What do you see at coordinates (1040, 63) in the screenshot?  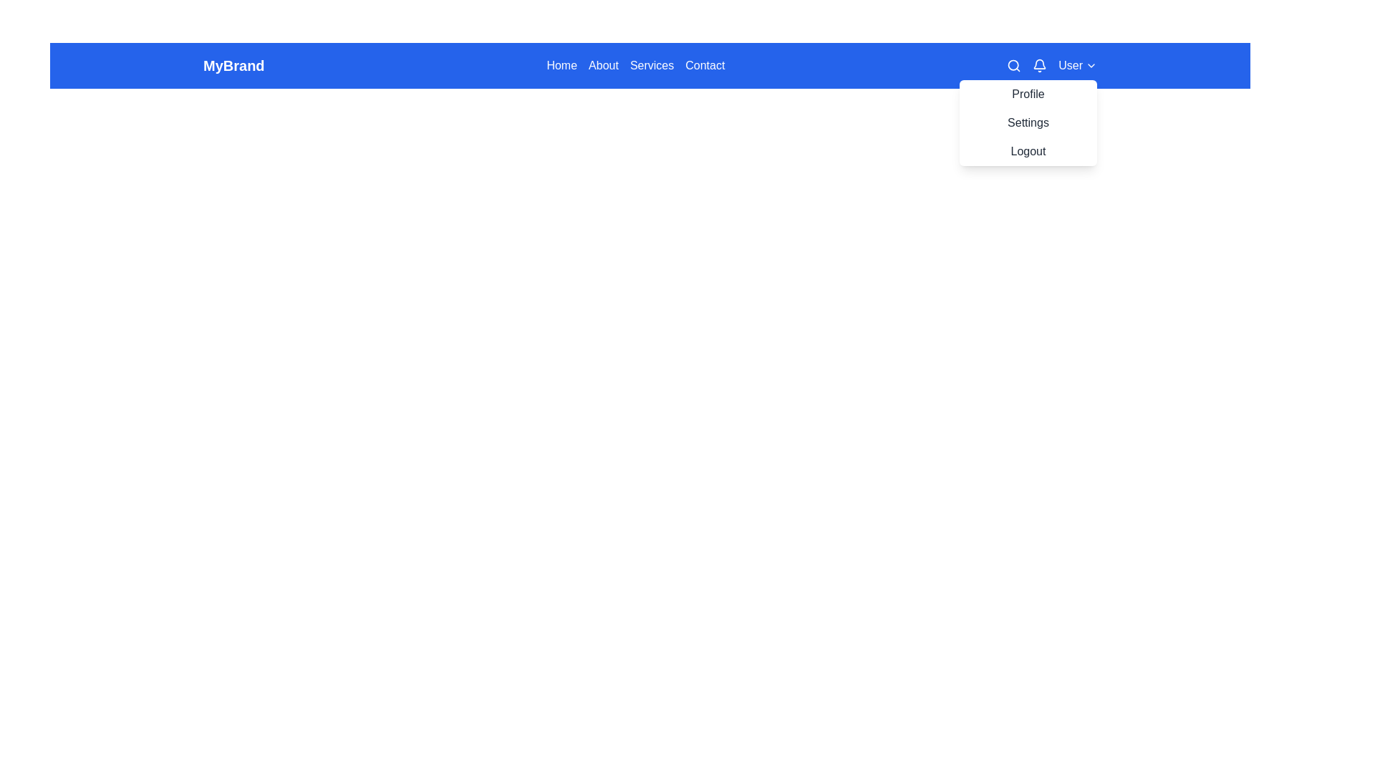 I see `the bottom portion of the bell icon located in the top-right corner of the navigation bar, which is styled with a thin line in a common notification icon design pattern` at bounding box center [1040, 63].